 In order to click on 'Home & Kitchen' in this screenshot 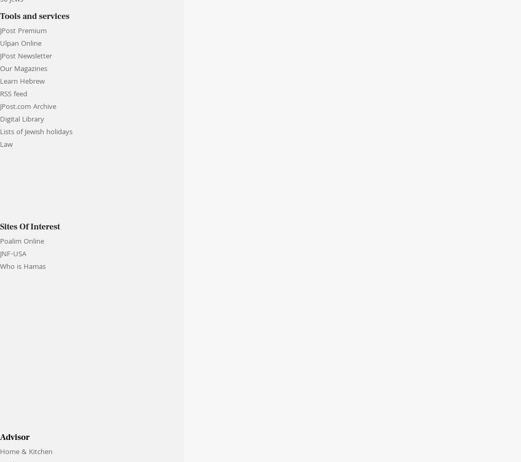, I will do `click(26, 453)`.